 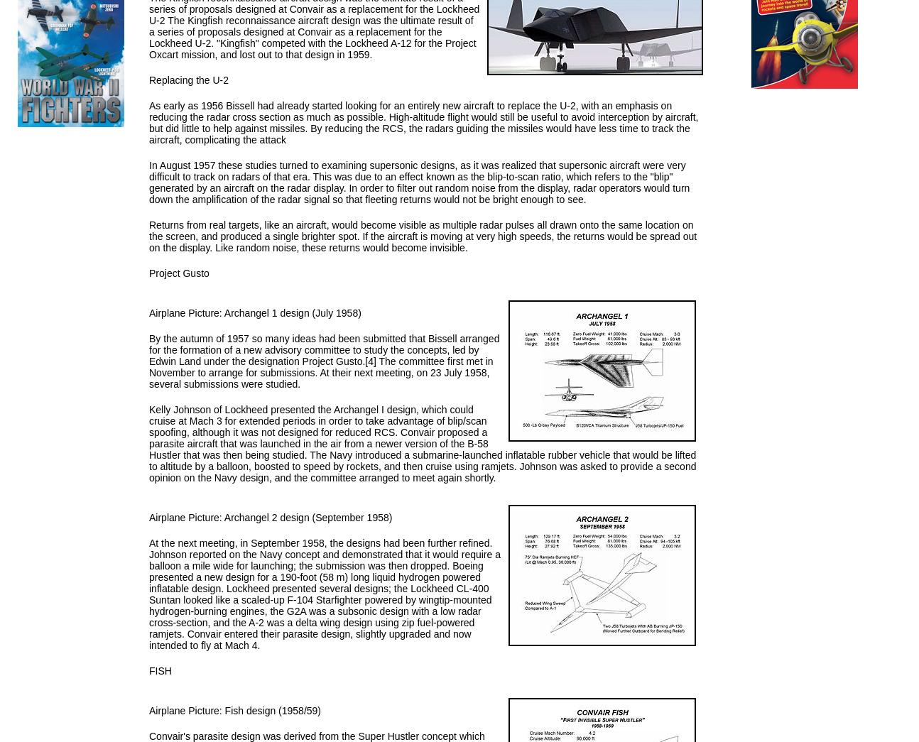 What do you see at coordinates (188, 80) in the screenshot?
I see `'Replacing the U-2'` at bounding box center [188, 80].